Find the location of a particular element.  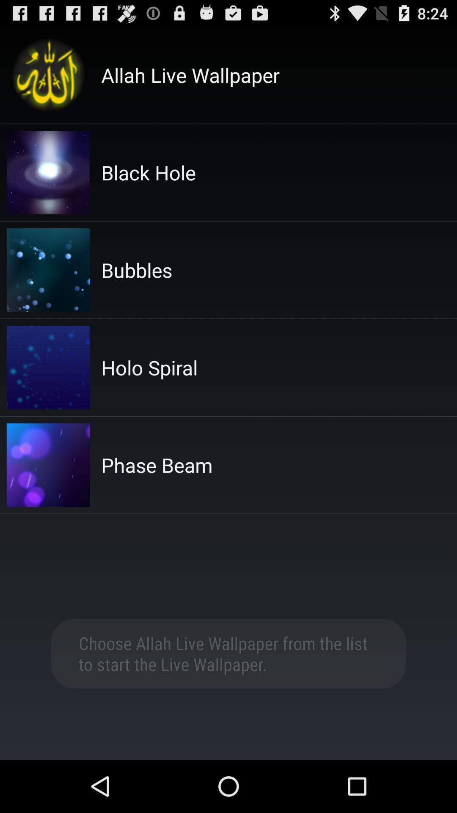

app above the holo spiral is located at coordinates (136, 269).